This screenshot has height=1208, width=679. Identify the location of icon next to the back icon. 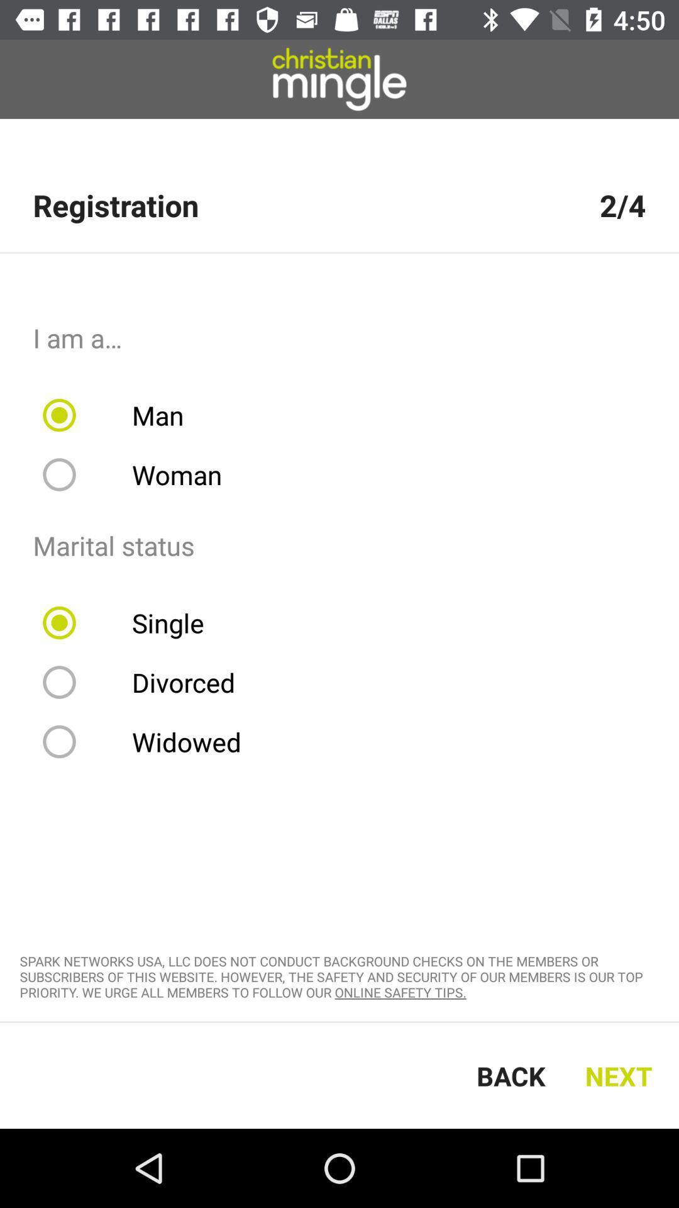
(621, 1075).